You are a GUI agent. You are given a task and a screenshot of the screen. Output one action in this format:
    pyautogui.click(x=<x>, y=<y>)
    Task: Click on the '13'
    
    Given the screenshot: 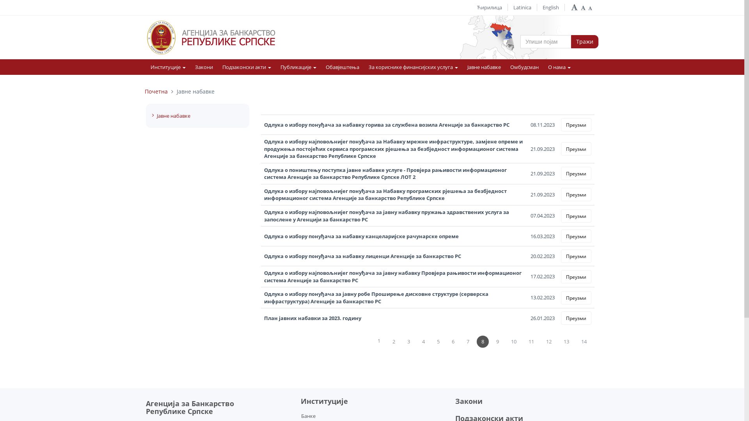 What is the action you would take?
    pyautogui.click(x=566, y=341)
    